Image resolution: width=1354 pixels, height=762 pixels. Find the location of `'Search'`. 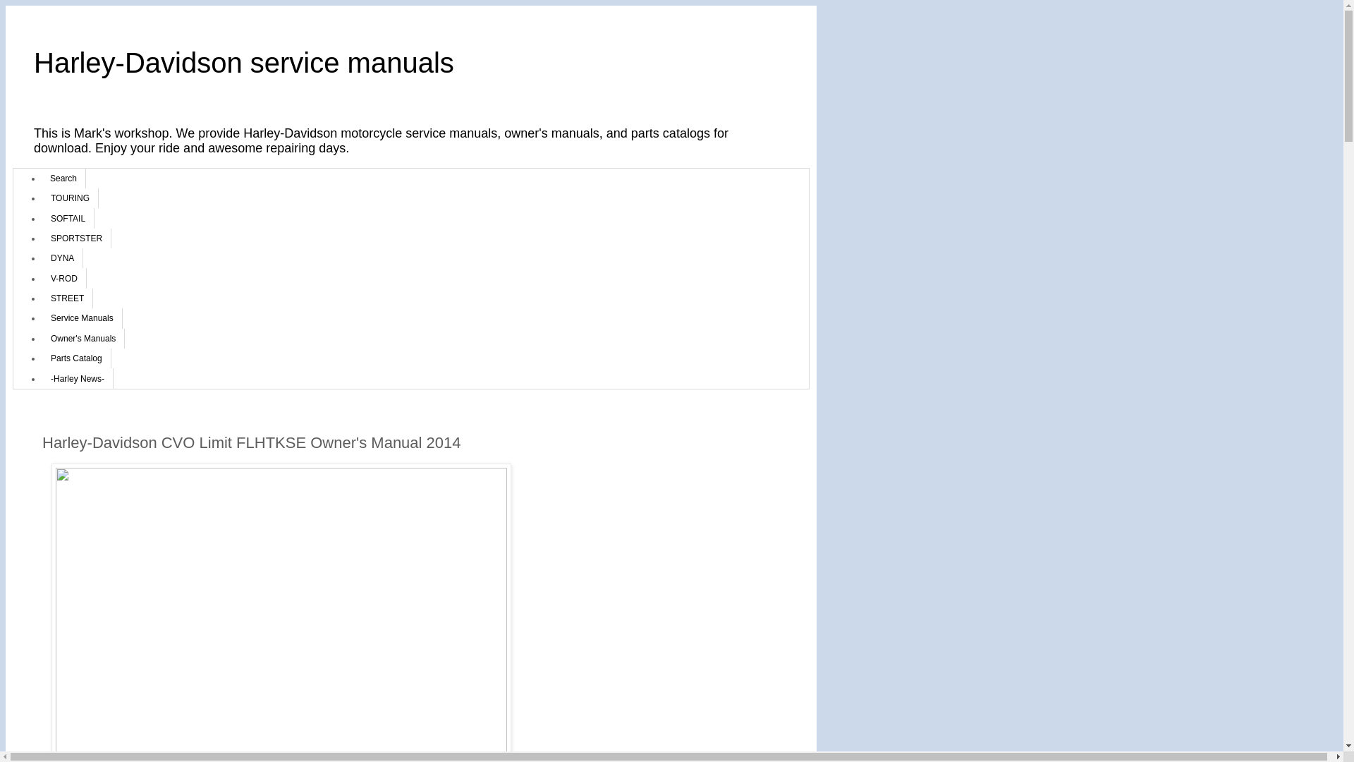

'Search' is located at coordinates (63, 178).